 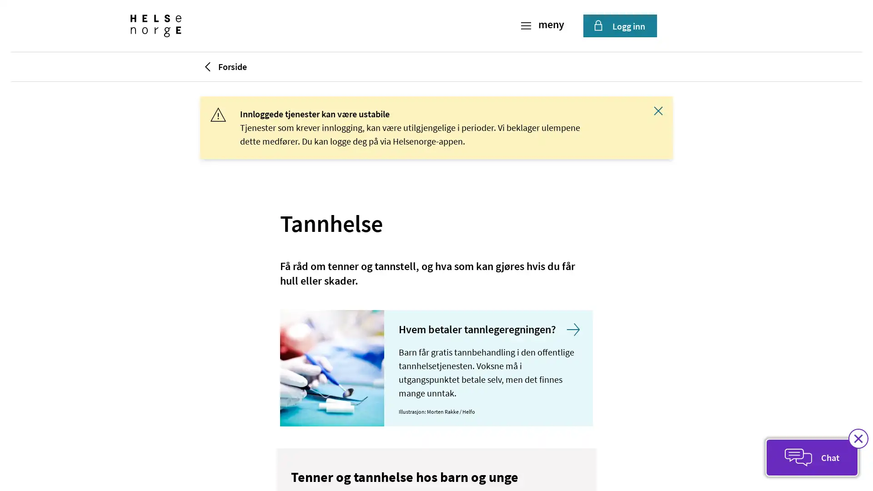 I want to click on Fjern chat, so click(x=858, y=438).